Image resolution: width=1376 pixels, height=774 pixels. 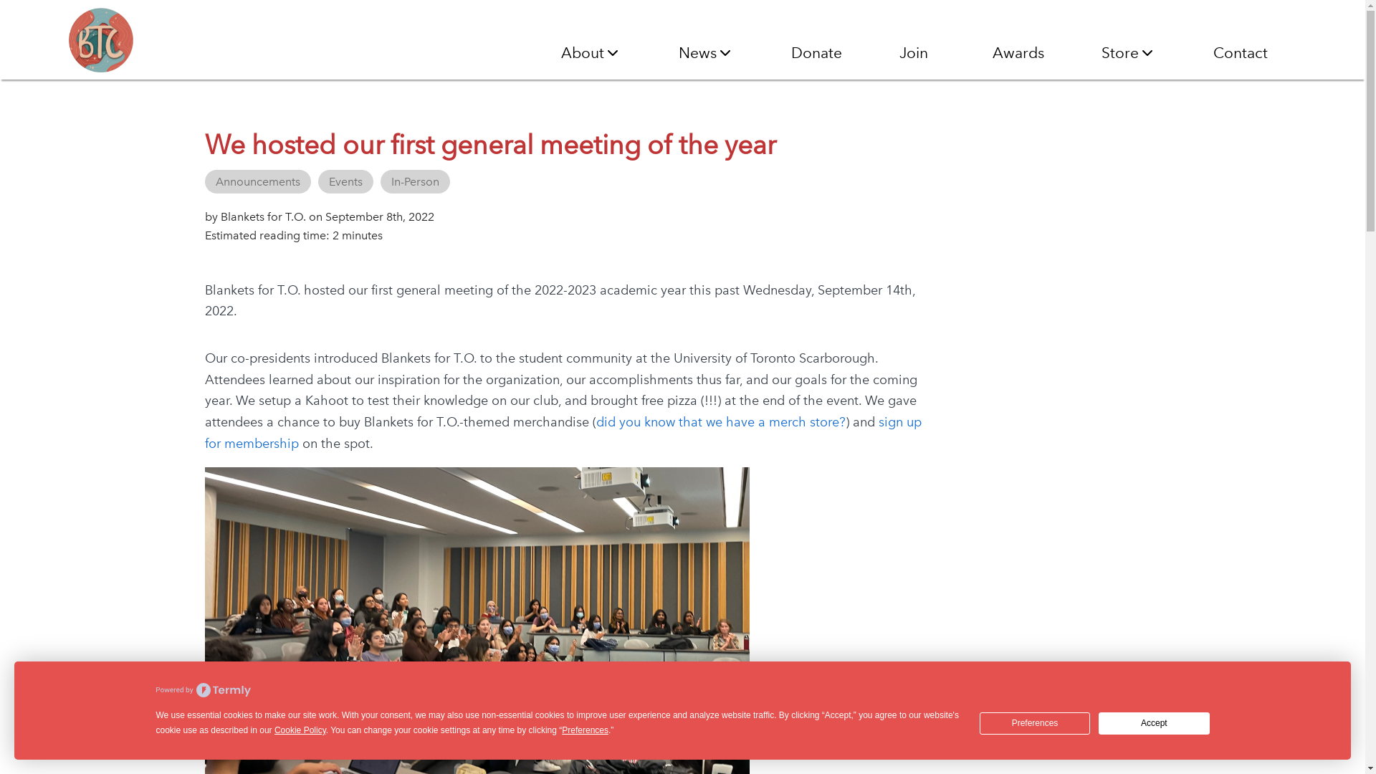 What do you see at coordinates (1127, 52) in the screenshot?
I see `'Store'` at bounding box center [1127, 52].